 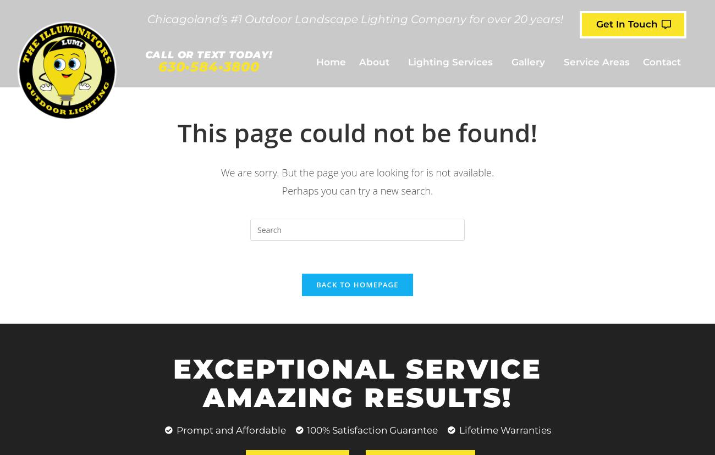 I want to click on 'Prompt and Affordable', so click(x=230, y=430).